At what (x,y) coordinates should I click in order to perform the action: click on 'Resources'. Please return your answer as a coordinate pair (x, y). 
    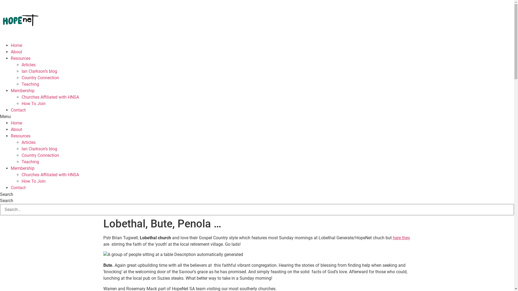
    Looking at the image, I should click on (21, 58).